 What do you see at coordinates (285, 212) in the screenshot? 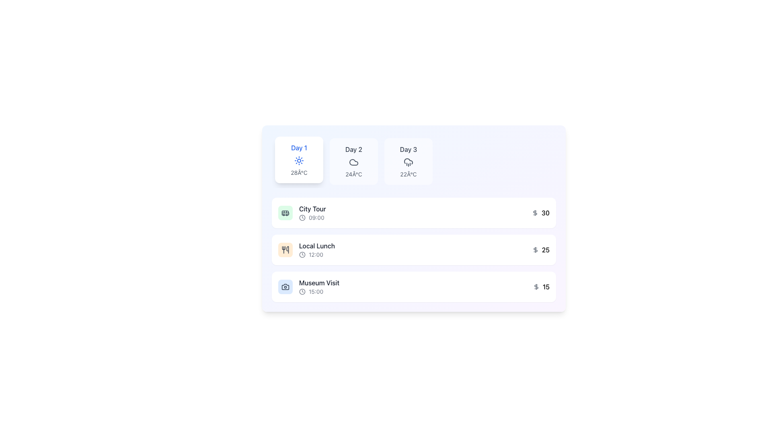
I see `the bus icon, which is located within the first card of activities, to the left of the 'City Tour' text and time indicator` at bounding box center [285, 212].